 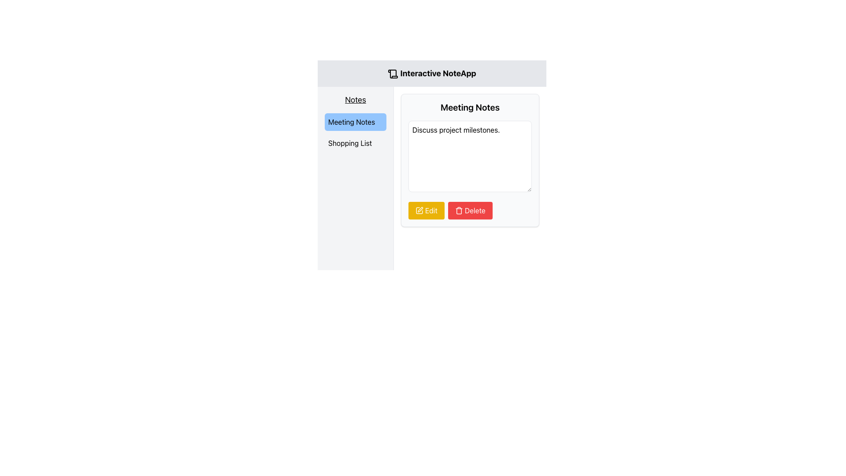 What do you see at coordinates (393, 74) in the screenshot?
I see `the application logo icon located in the header section of 'Interactive NoteApp', positioned to the left of the title text` at bounding box center [393, 74].